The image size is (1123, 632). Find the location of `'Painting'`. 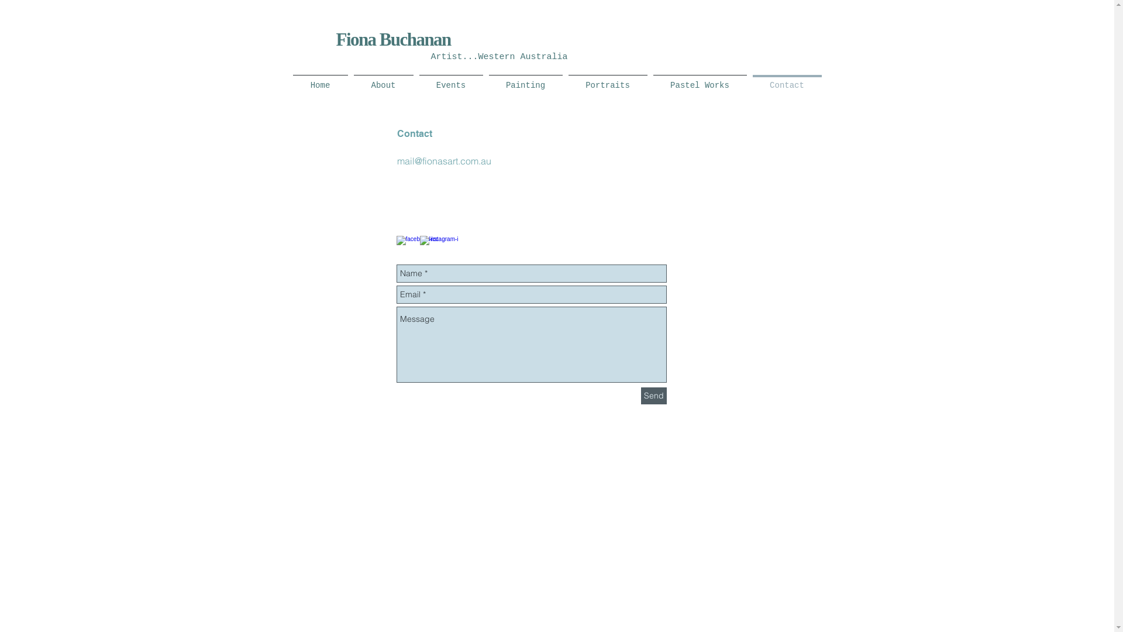

'Painting' is located at coordinates (524, 80).